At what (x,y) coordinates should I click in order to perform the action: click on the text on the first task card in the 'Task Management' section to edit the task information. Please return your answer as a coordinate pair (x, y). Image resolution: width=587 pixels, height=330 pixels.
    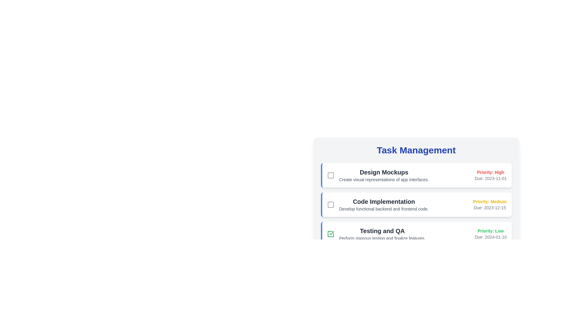
    Looking at the image, I should click on (416, 175).